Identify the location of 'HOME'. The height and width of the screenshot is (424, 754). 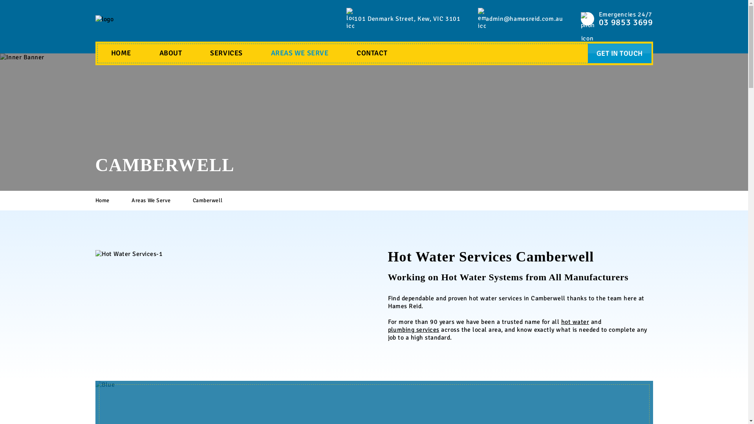
(120, 53).